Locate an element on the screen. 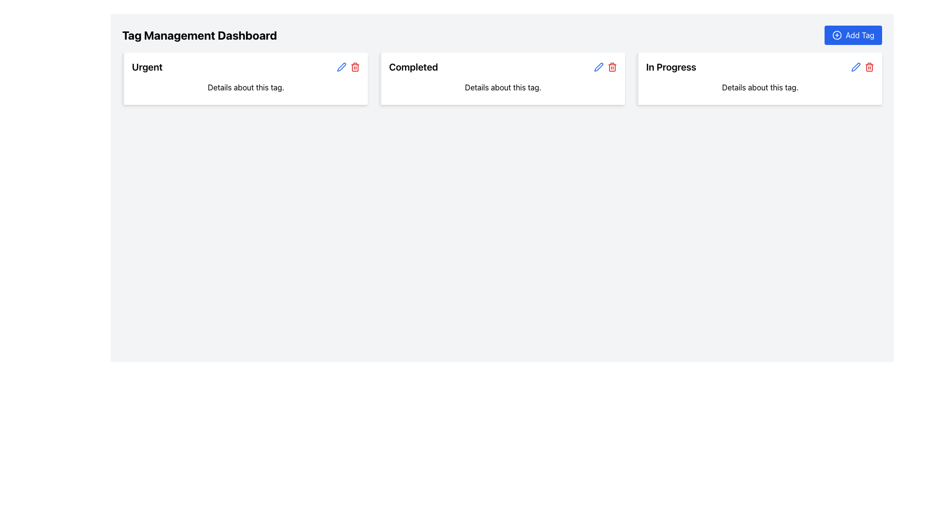 The height and width of the screenshot is (522, 928). the blue pen icon button located in the top right corner of the 'In Progress' card is located at coordinates (856, 66).